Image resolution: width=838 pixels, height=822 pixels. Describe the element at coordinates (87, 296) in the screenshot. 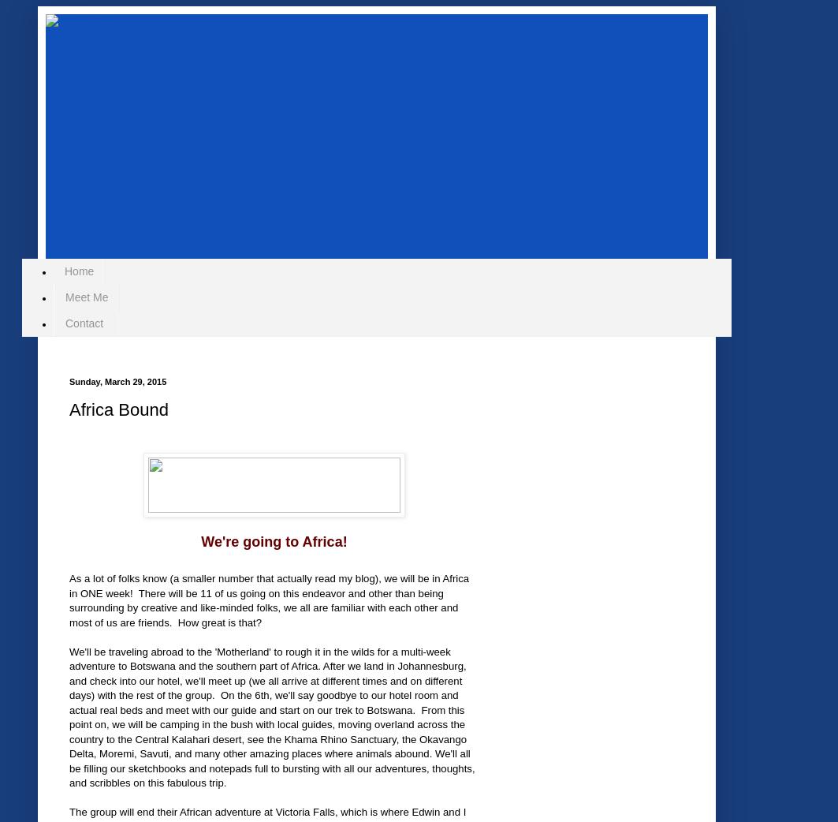

I see `'Meet Me'` at that location.